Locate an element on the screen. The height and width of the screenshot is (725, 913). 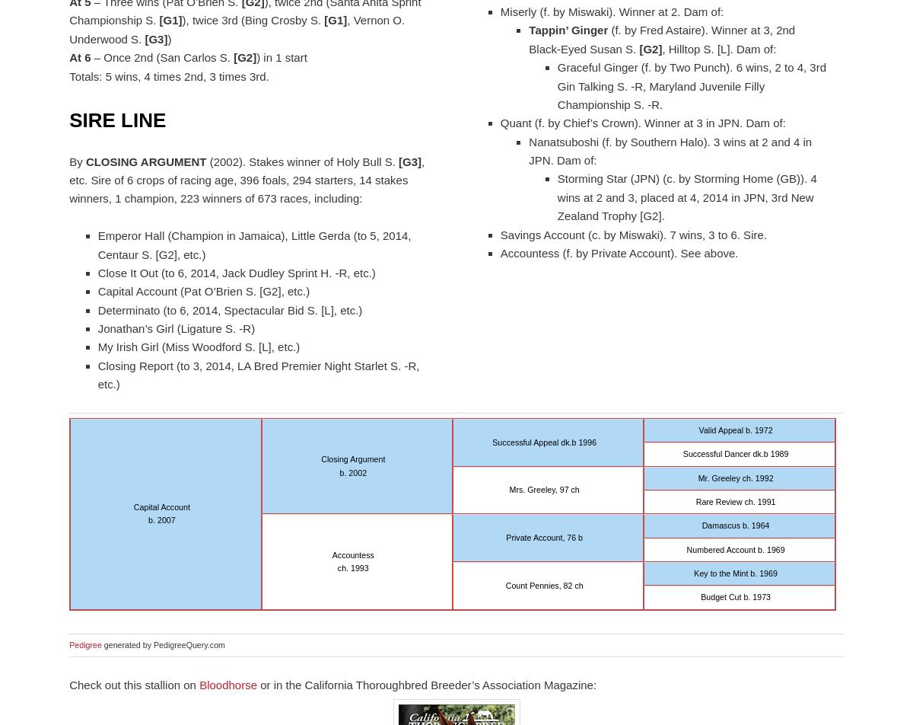
') in 1 start' is located at coordinates (256, 57).